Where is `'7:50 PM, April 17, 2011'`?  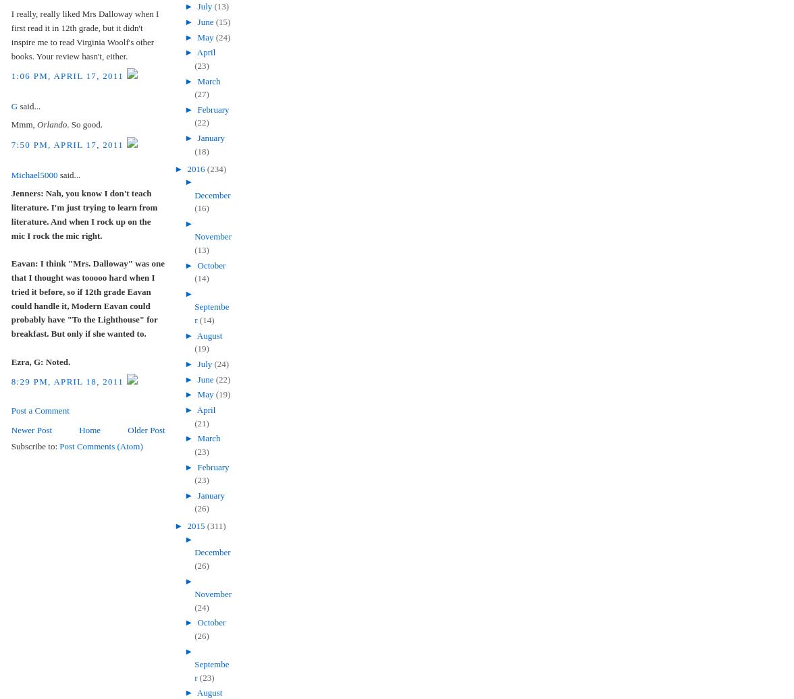 '7:50 PM, April 17, 2011' is located at coordinates (68, 144).